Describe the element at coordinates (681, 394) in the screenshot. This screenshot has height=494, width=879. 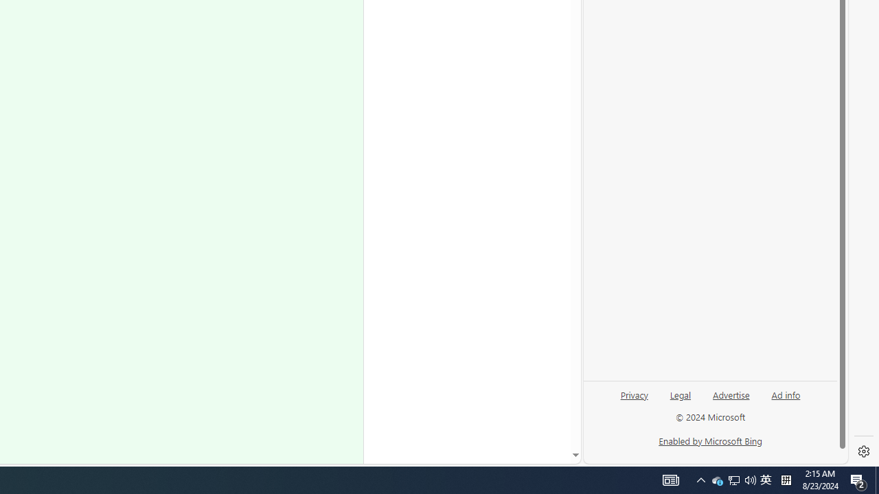
I see `'Legal'` at that location.